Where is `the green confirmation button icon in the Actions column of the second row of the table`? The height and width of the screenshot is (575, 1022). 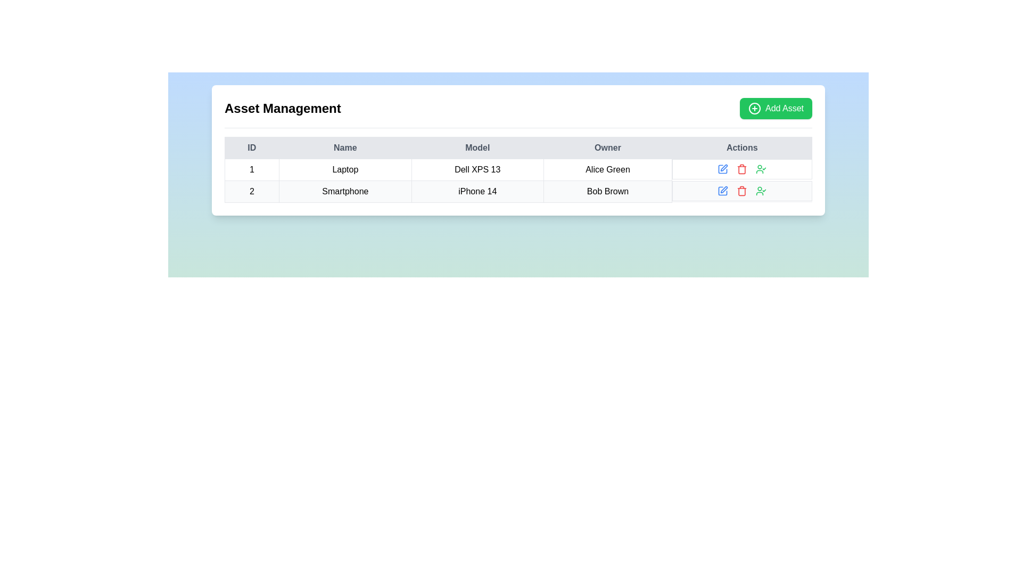 the green confirmation button icon in the Actions column of the second row of the table is located at coordinates (761, 190).